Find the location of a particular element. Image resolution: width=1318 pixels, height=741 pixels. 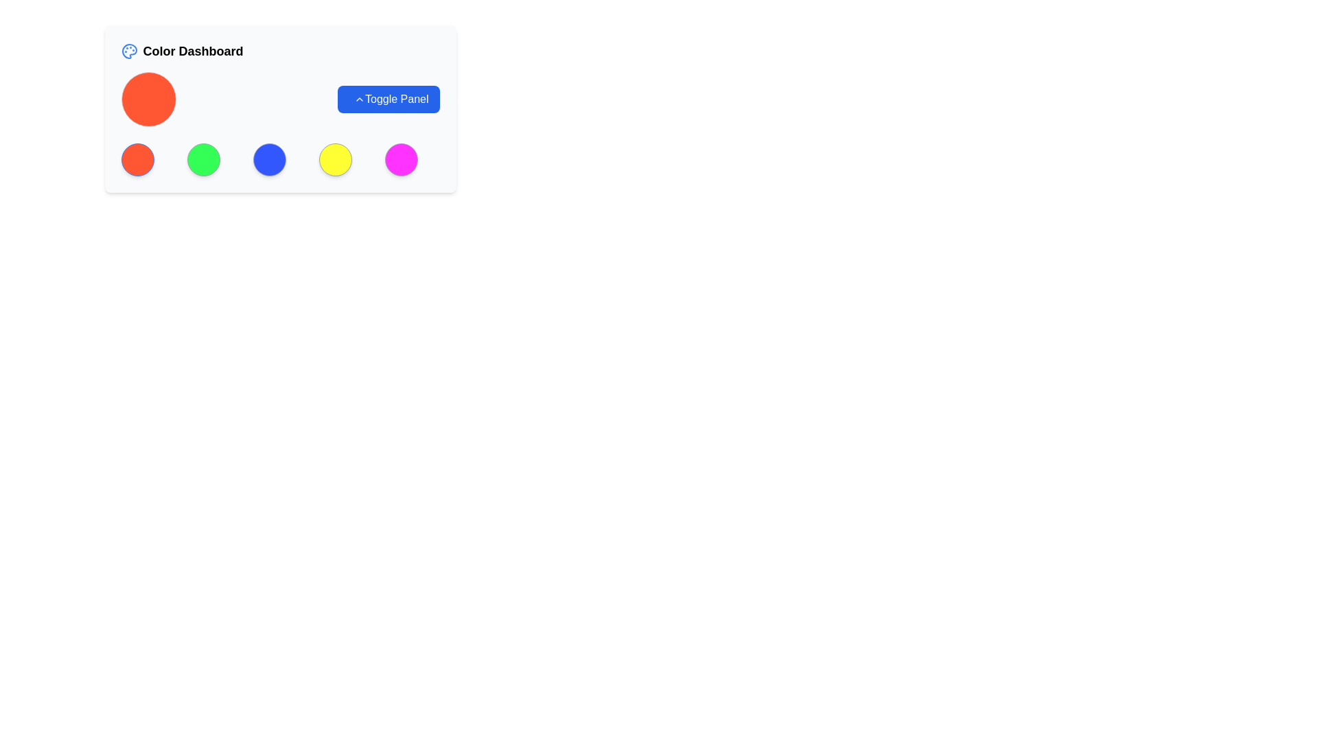

the fourth circular button in a horizontal row with a bright yellow fill is located at coordinates (335, 158).